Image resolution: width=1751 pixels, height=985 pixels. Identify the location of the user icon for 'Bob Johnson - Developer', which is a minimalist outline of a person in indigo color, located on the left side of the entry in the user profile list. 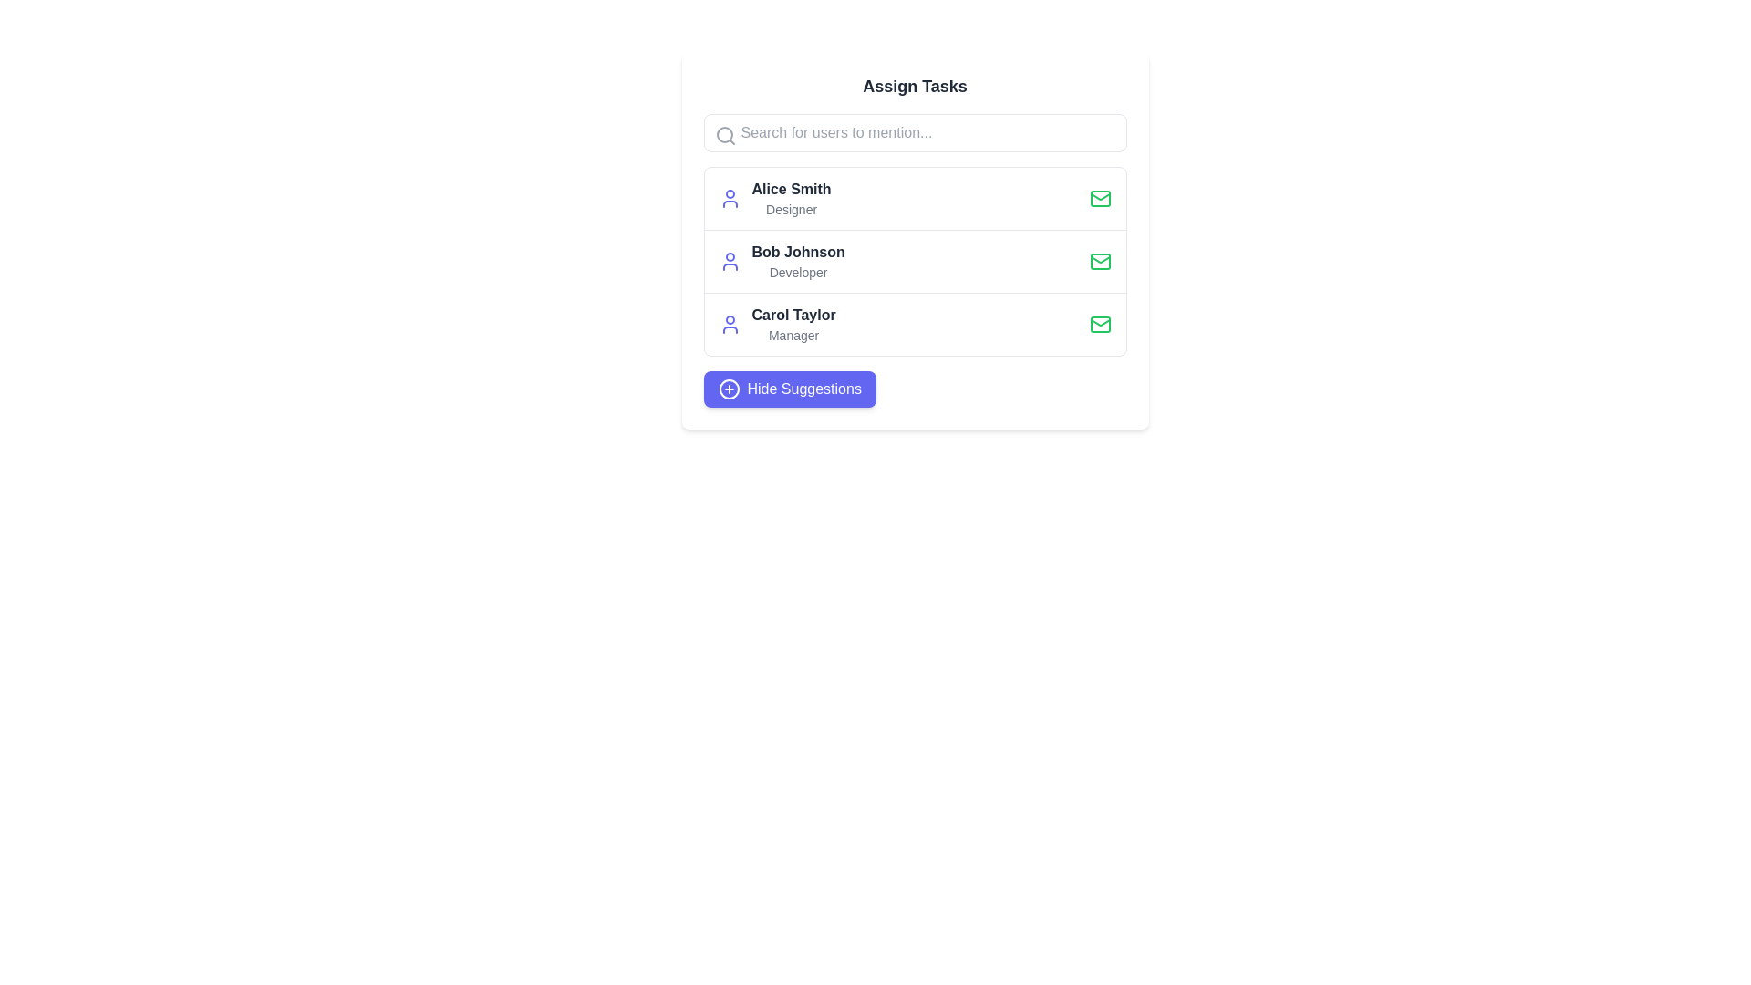
(730, 261).